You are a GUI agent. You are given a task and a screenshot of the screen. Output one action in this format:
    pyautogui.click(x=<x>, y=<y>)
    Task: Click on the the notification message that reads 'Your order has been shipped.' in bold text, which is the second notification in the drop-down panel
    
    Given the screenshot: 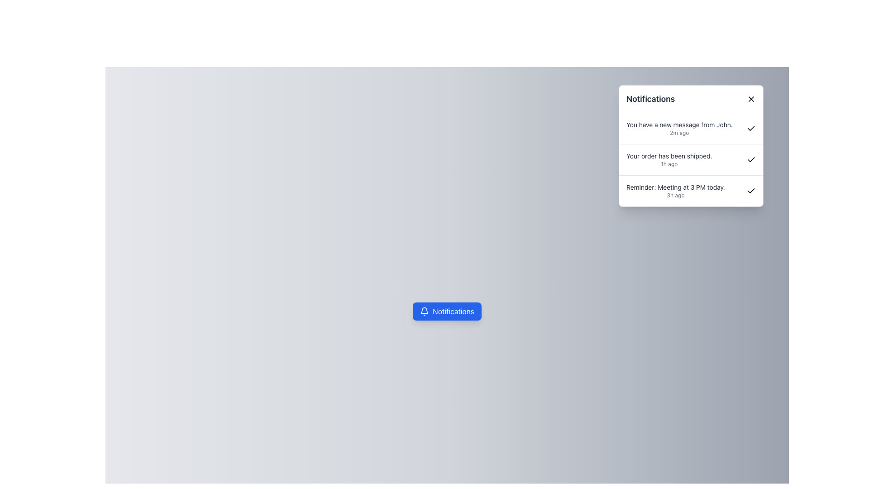 What is the action you would take?
    pyautogui.click(x=669, y=159)
    